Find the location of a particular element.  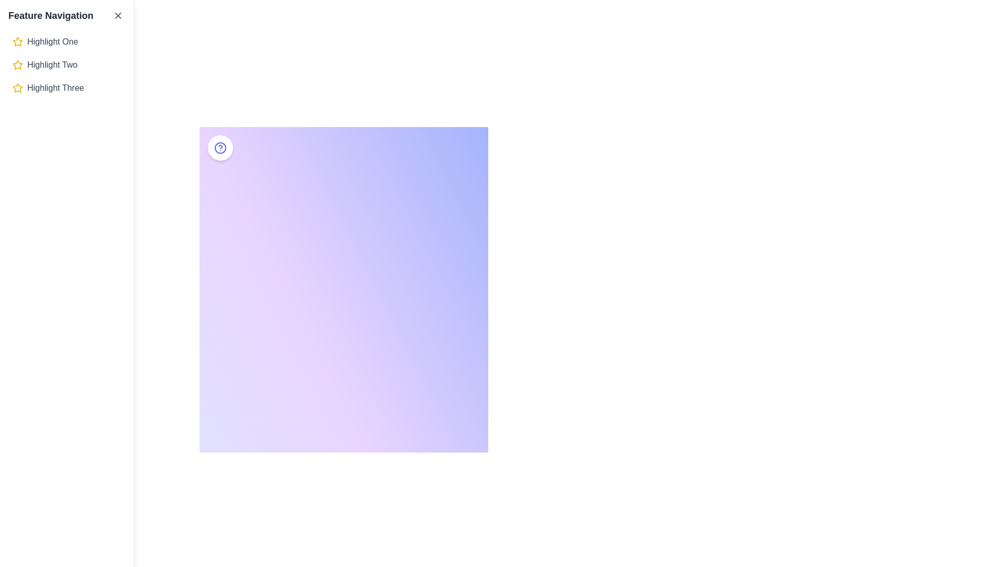

the 'Highlight One' list item, which features a yellow star icon on the left and dark styled text is located at coordinates (66, 41).